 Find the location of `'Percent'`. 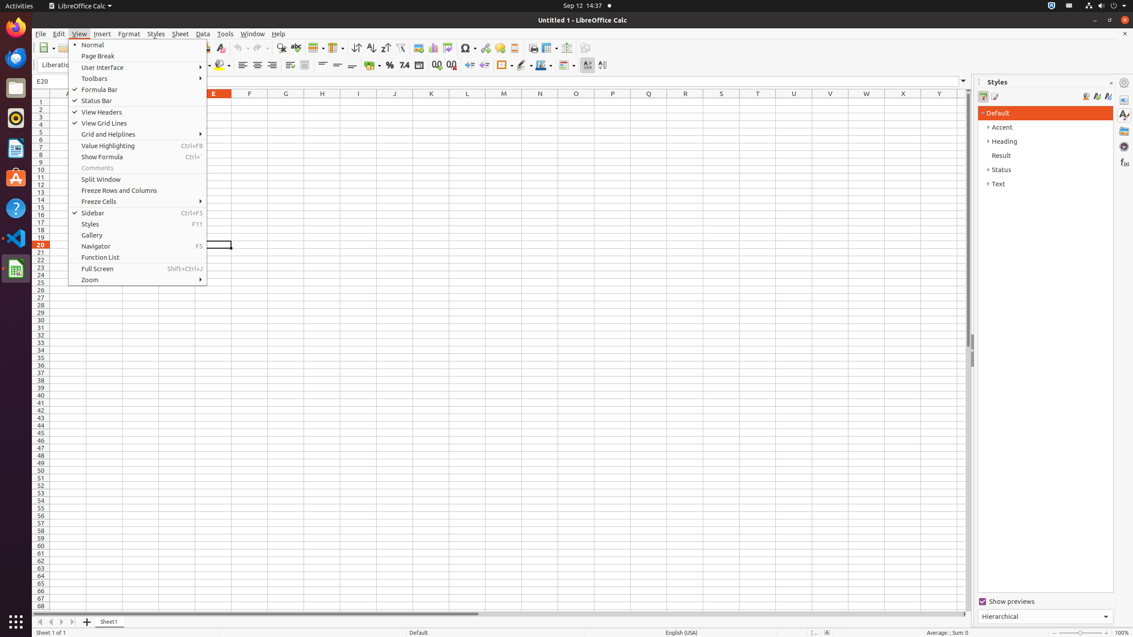

'Percent' is located at coordinates (389, 65).